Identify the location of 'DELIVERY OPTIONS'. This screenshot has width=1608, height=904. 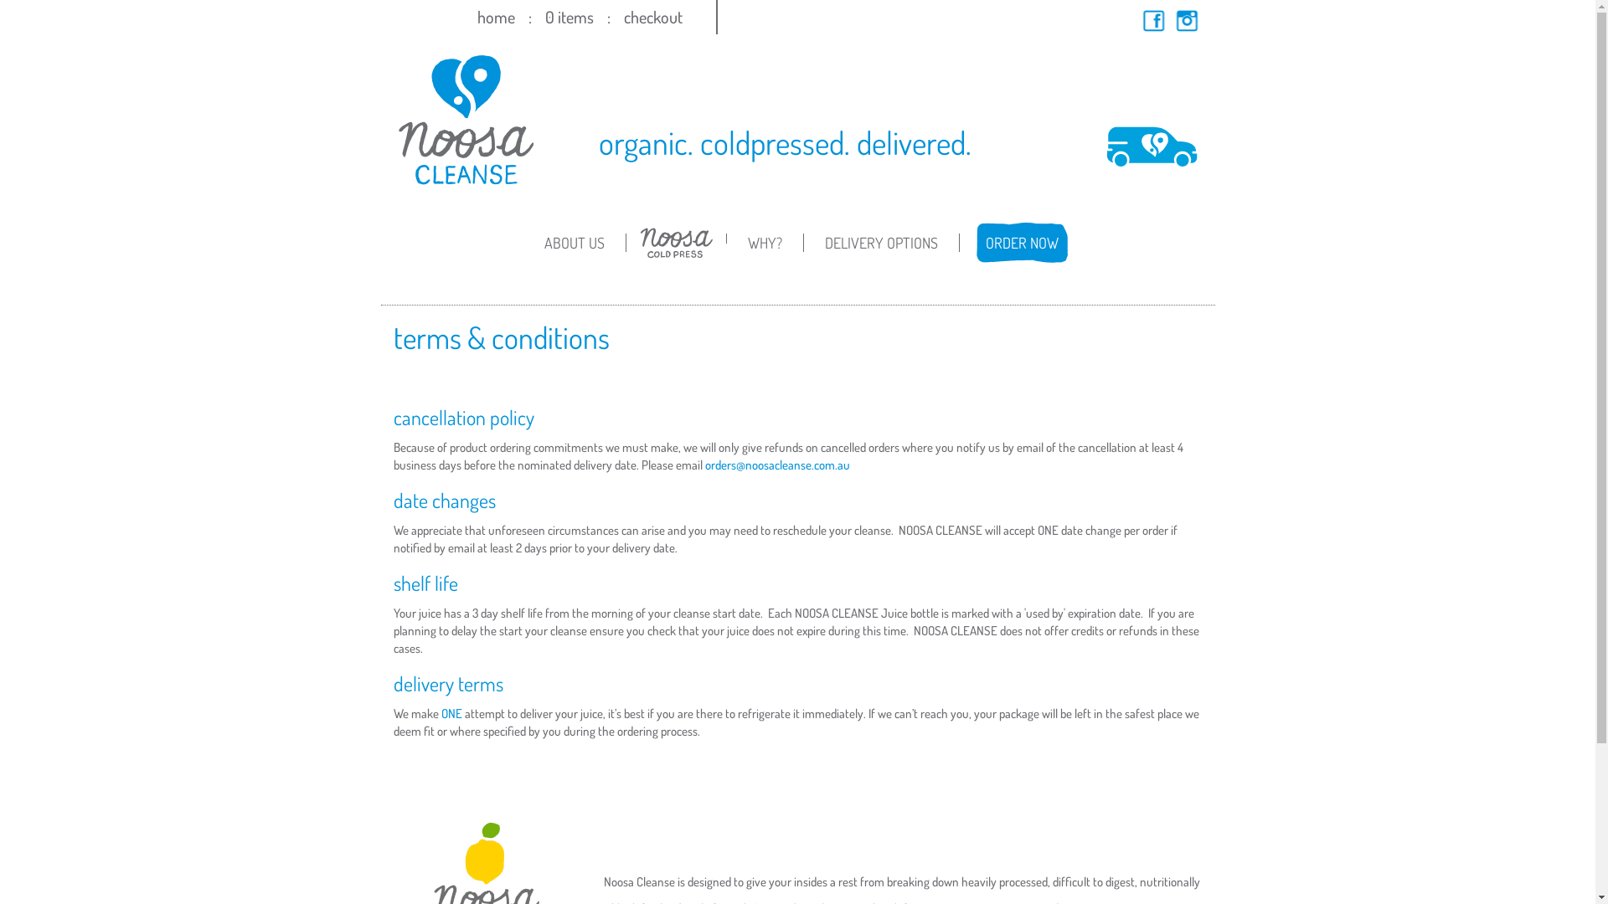
(880, 242).